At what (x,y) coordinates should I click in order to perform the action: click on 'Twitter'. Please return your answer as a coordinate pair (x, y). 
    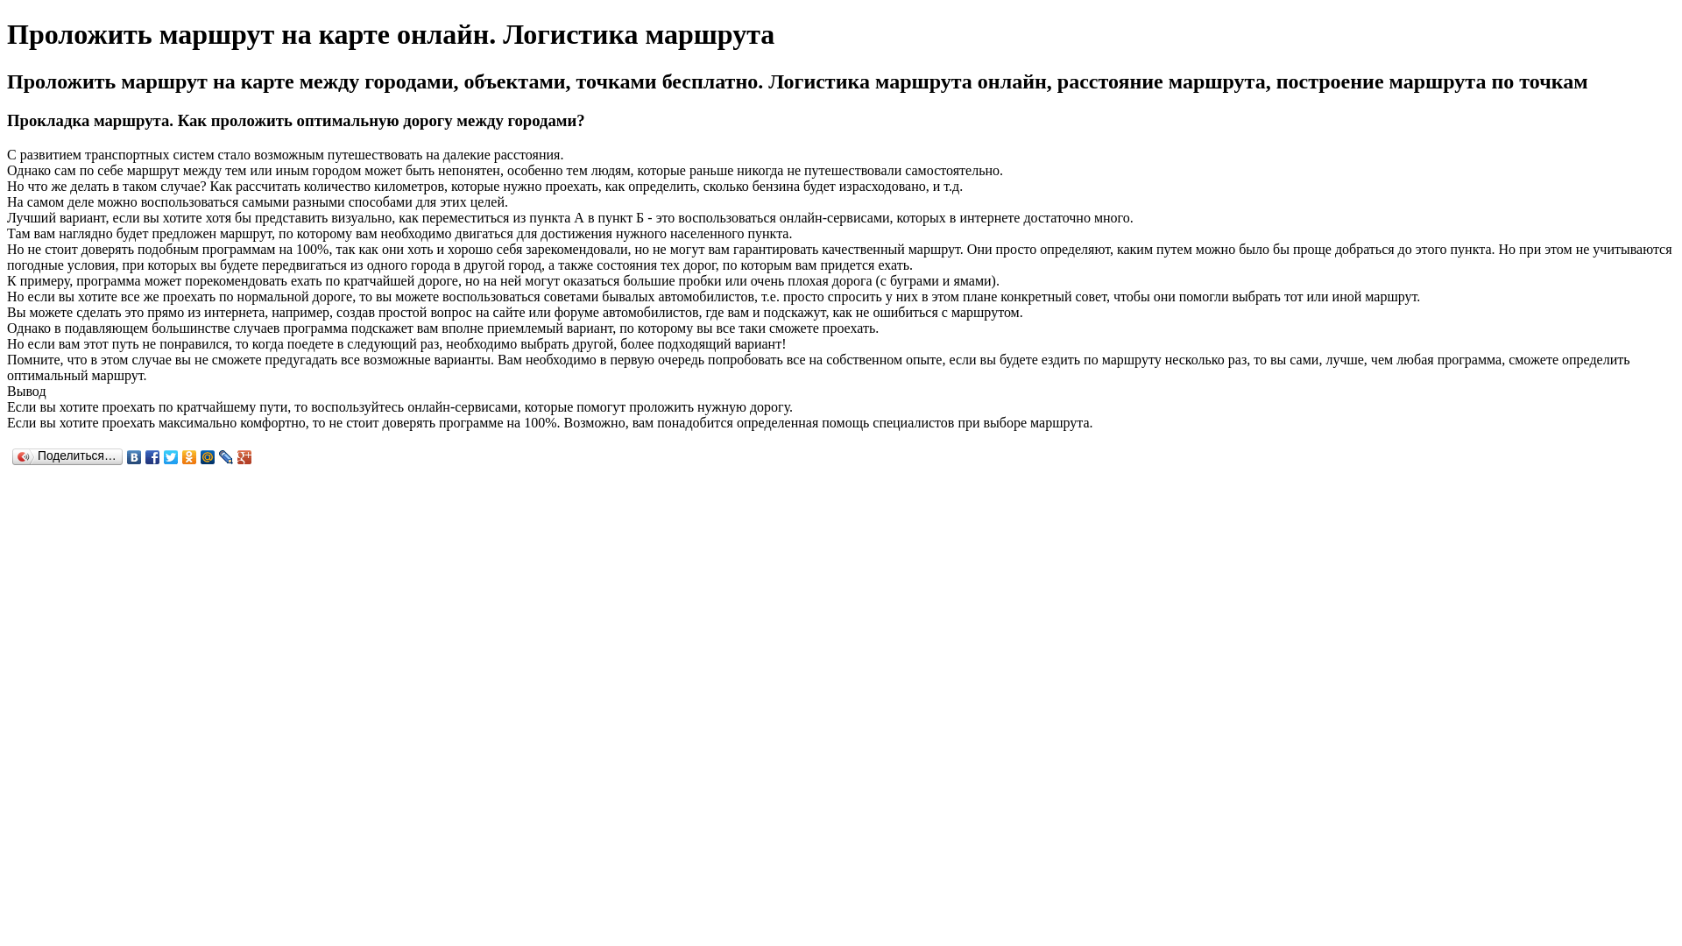
    Looking at the image, I should click on (162, 455).